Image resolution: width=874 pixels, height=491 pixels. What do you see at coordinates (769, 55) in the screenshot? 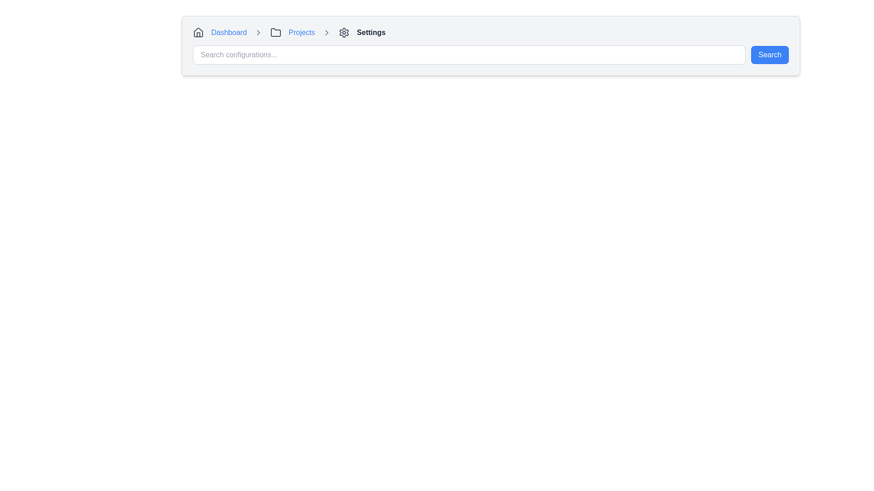
I see `the blue button labeled 'Search' located to the right of the search input field` at bounding box center [769, 55].